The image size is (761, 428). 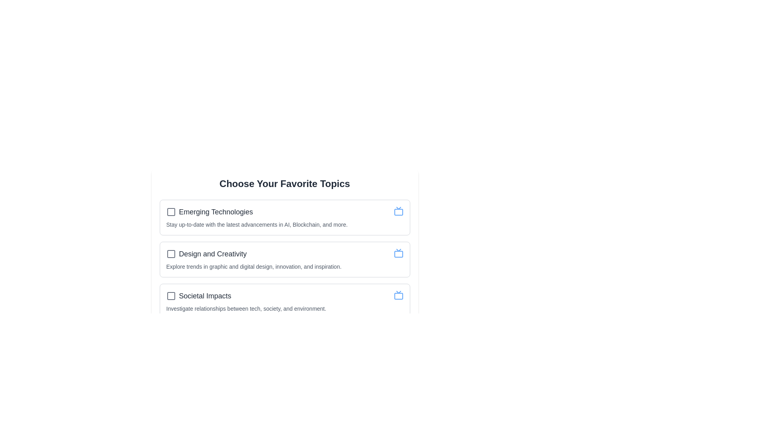 I want to click on the text label displaying 'Societal Impacts' which is part of the selectable list entry for 'Choose Your Favorite Topics', so click(x=205, y=296).